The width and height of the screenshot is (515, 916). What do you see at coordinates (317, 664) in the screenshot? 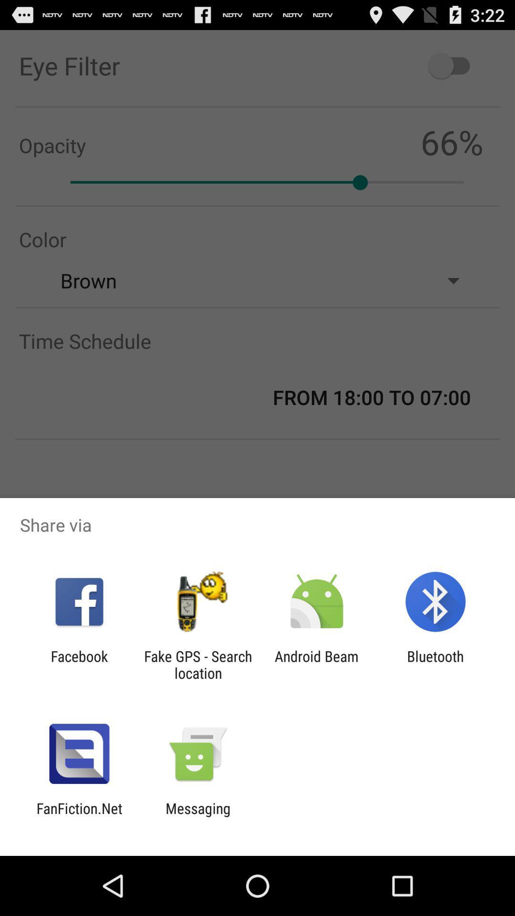
I see `the app next to the fake gps search icon` at bounding box center [317, 664].